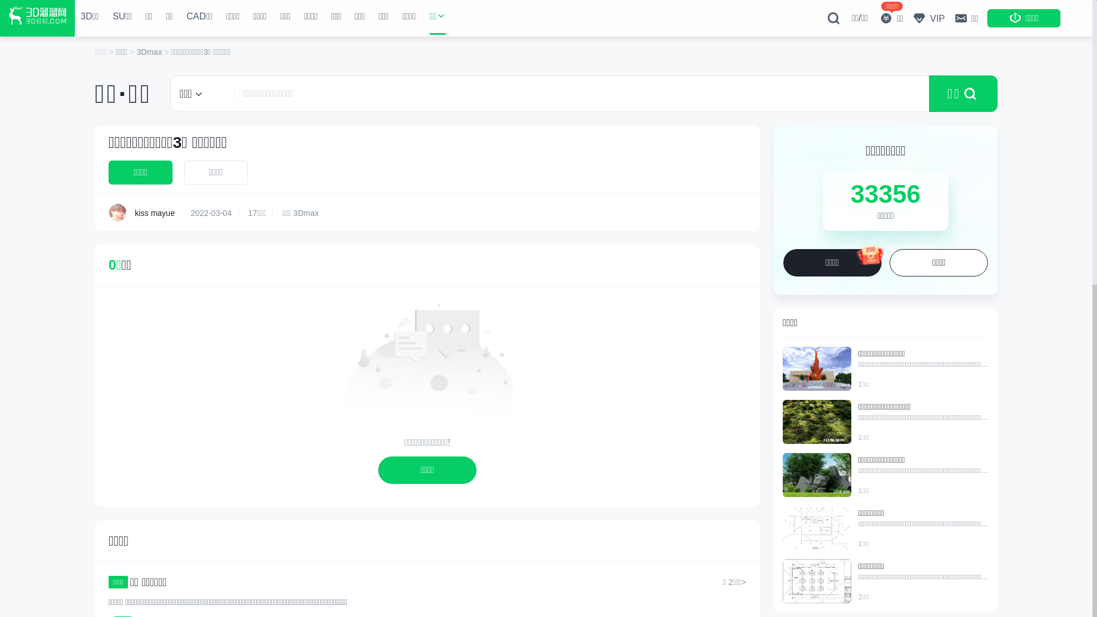  What do you see at coordinates (928, 18) in the screenshot?
I see `'VIP'` at bounding box center [928, 18].